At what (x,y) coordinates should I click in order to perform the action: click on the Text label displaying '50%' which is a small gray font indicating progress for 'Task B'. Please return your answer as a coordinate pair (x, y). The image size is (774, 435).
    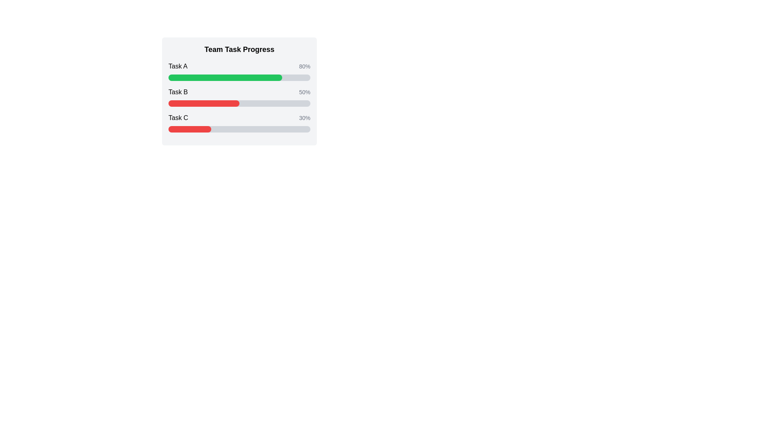
    Looking at the image, I should click on (304, 91).